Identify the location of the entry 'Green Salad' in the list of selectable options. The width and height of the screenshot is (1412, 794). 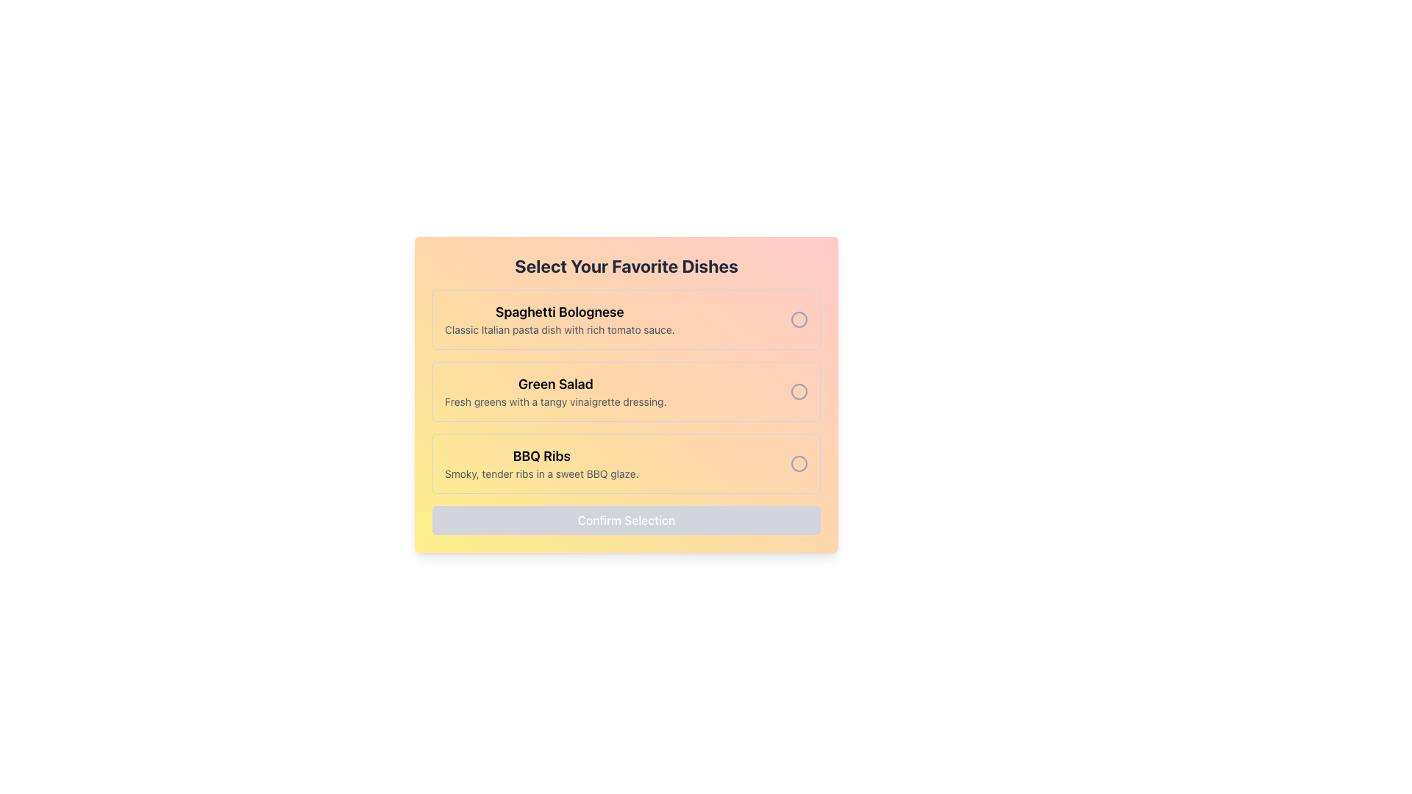
(626, 390).